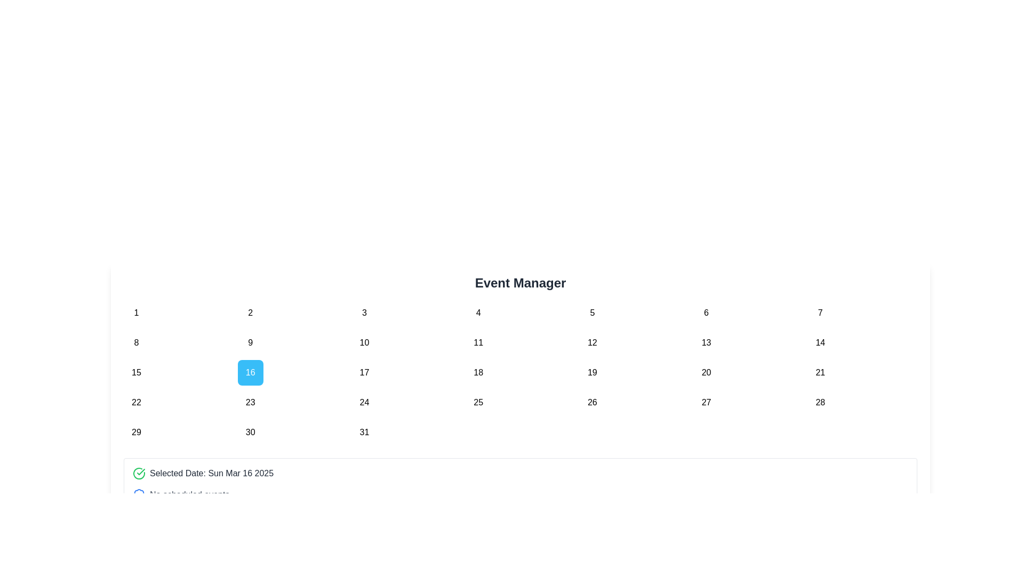 This screenshot has width=1024, height=576. What do you see at coordinates (478, 372) in the screenshot?
I see `the square-shaped button displaying the number '18'` at bounding box center [478, 372].